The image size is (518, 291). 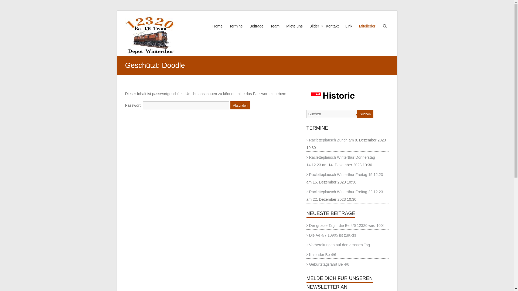 I want to click on 'Miete uns', so click(x=286, y=31).